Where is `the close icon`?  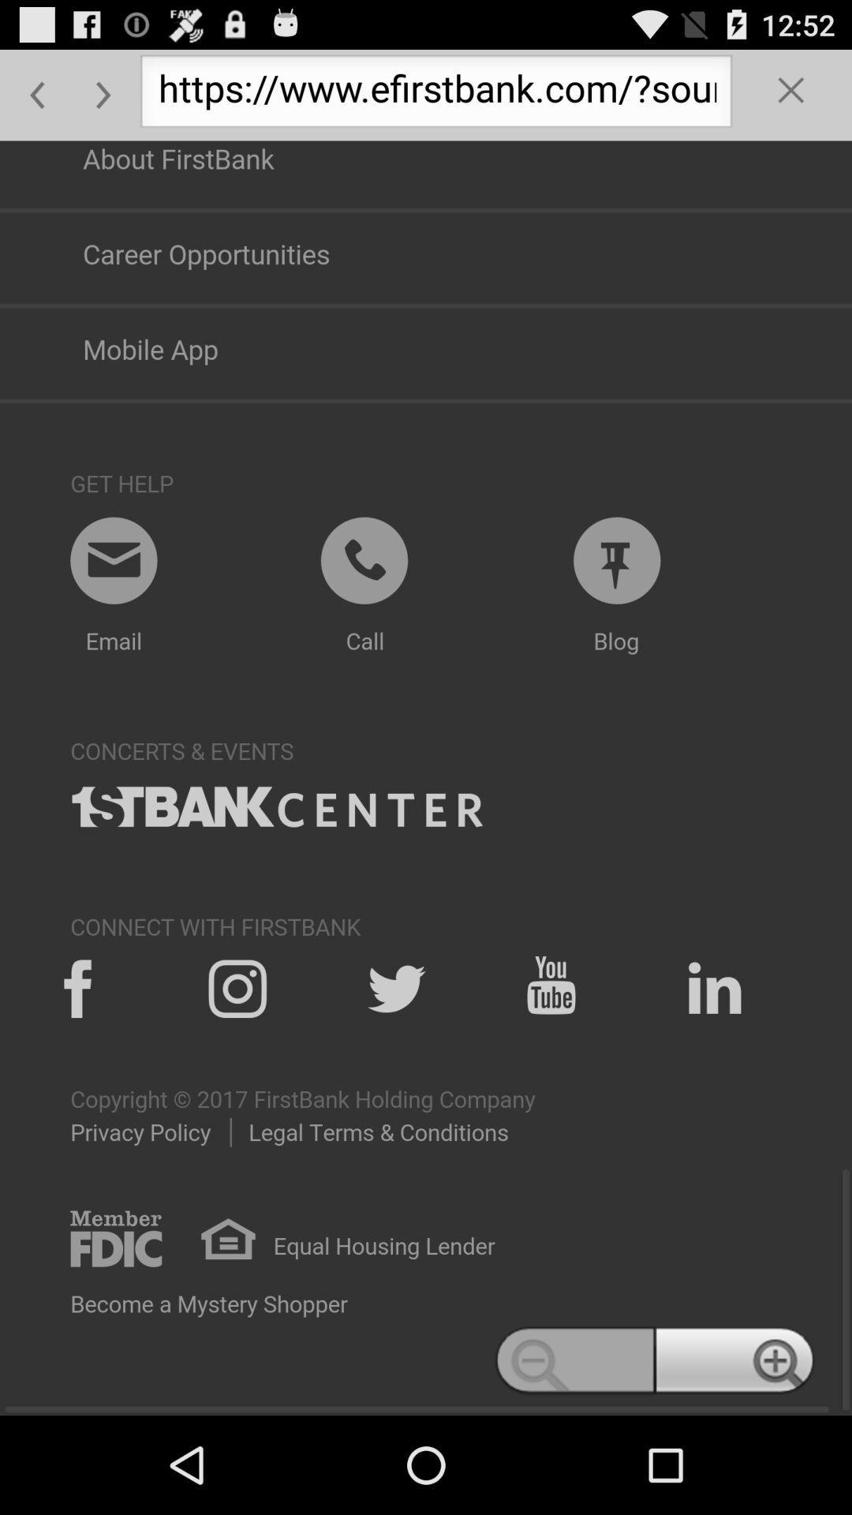 the close icon is located at coordinates (791, 101).